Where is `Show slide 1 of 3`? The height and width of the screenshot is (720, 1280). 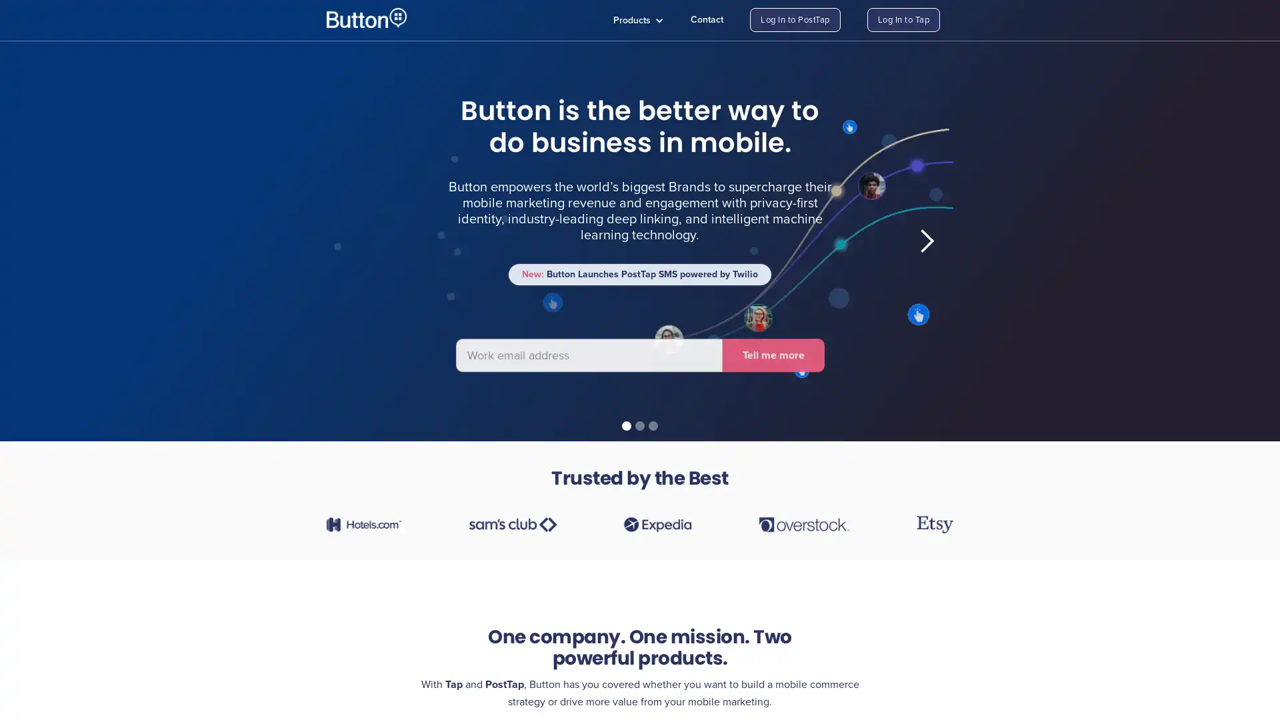
Show slide 1 of 3 is located at coordinates (626, 426).